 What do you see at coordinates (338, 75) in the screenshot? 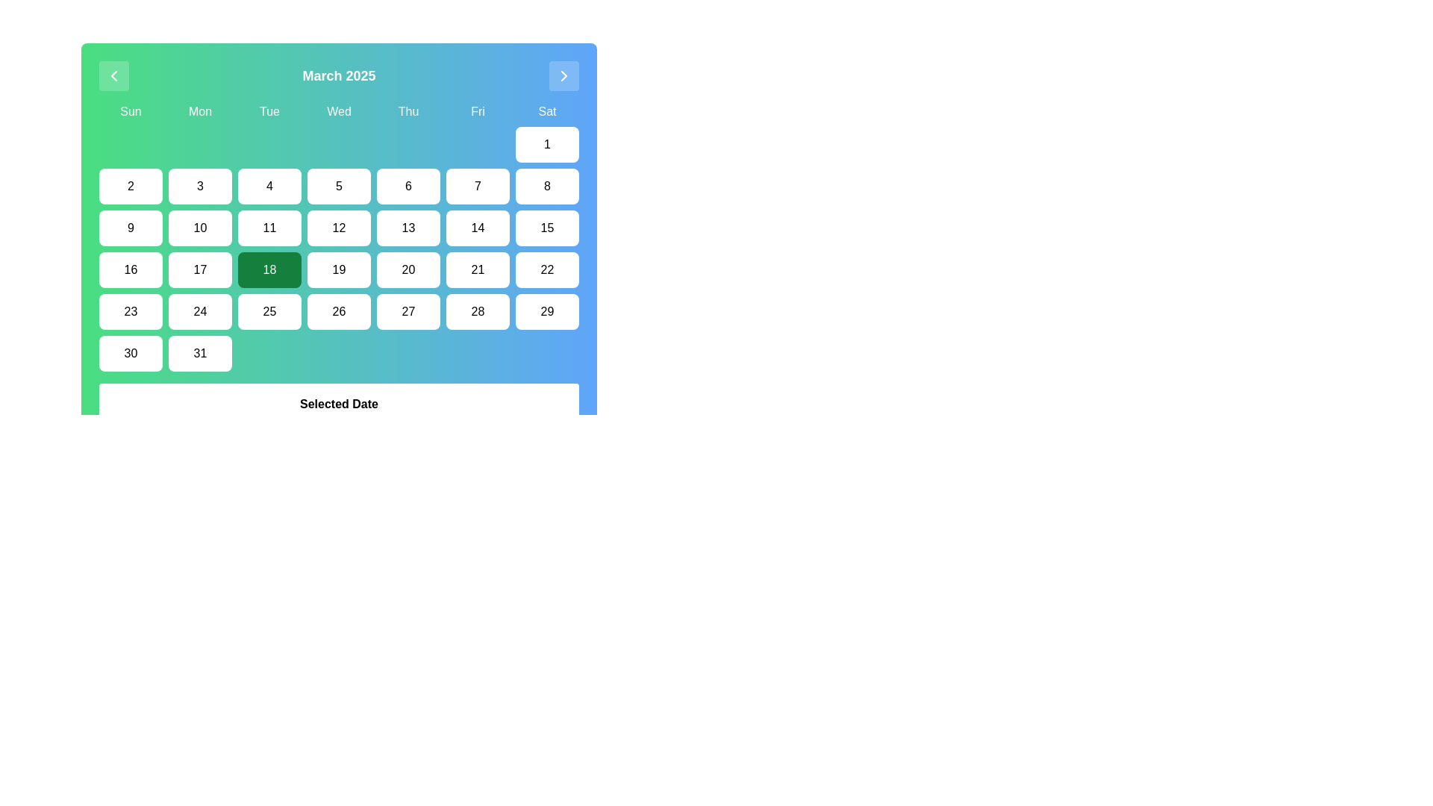
I see `the static text element displaying 'March 2025' which is centered in the header and flanked by chevron icons` at bounding box center [338, 75].